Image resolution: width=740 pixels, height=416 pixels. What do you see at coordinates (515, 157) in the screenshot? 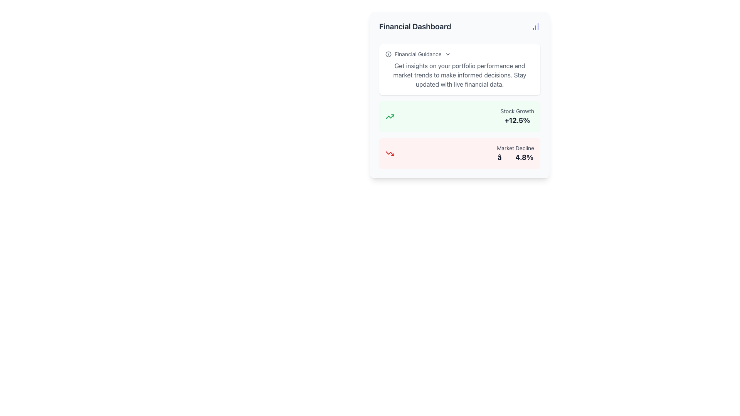
I see `the text label displaying bold text 'â∔4.8%' styled with a large font size and dark gray color, located below 'Market Decline' in the red box on the financial dashboard` at bounding box center [515, 157].